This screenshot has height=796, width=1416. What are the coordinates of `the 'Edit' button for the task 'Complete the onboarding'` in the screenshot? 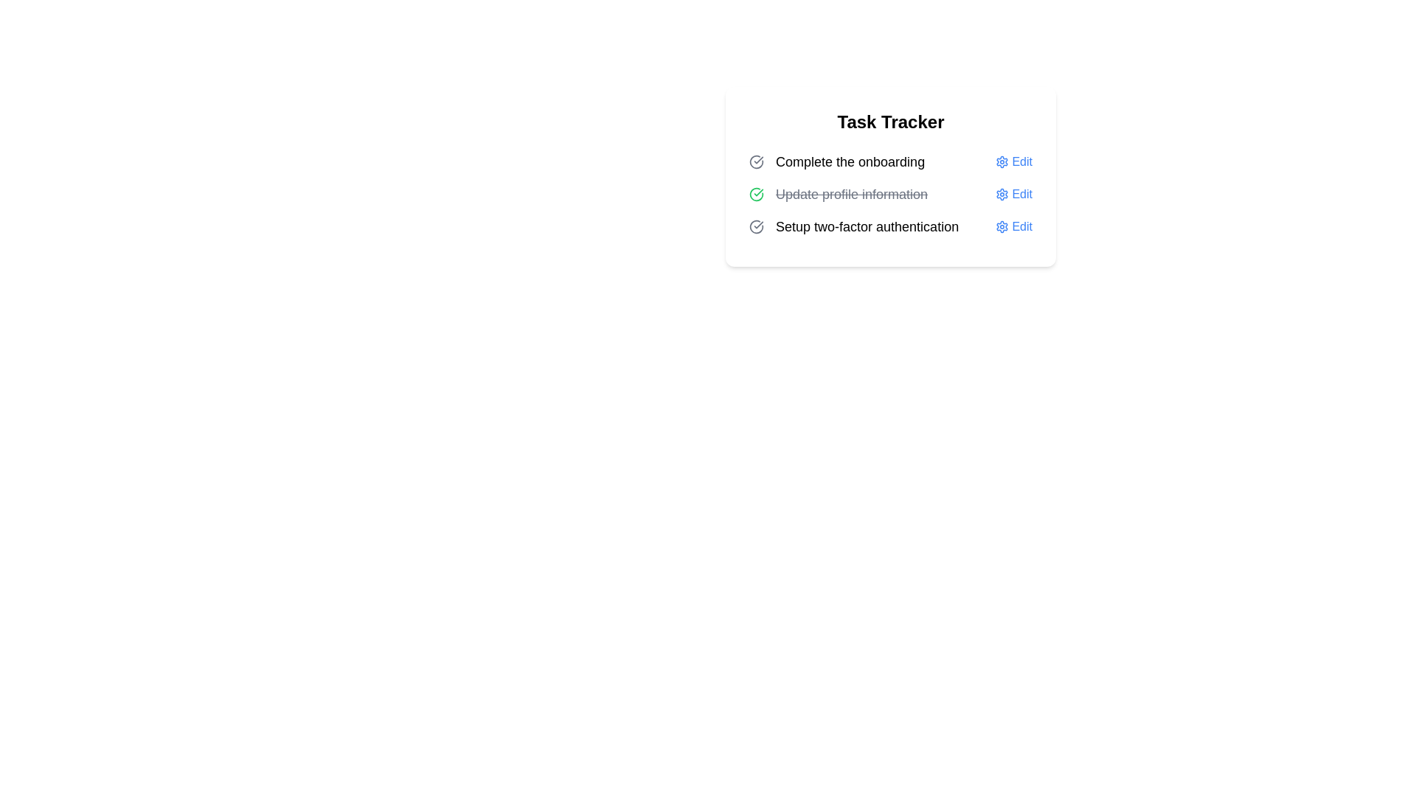 It's located at (1013, 161).